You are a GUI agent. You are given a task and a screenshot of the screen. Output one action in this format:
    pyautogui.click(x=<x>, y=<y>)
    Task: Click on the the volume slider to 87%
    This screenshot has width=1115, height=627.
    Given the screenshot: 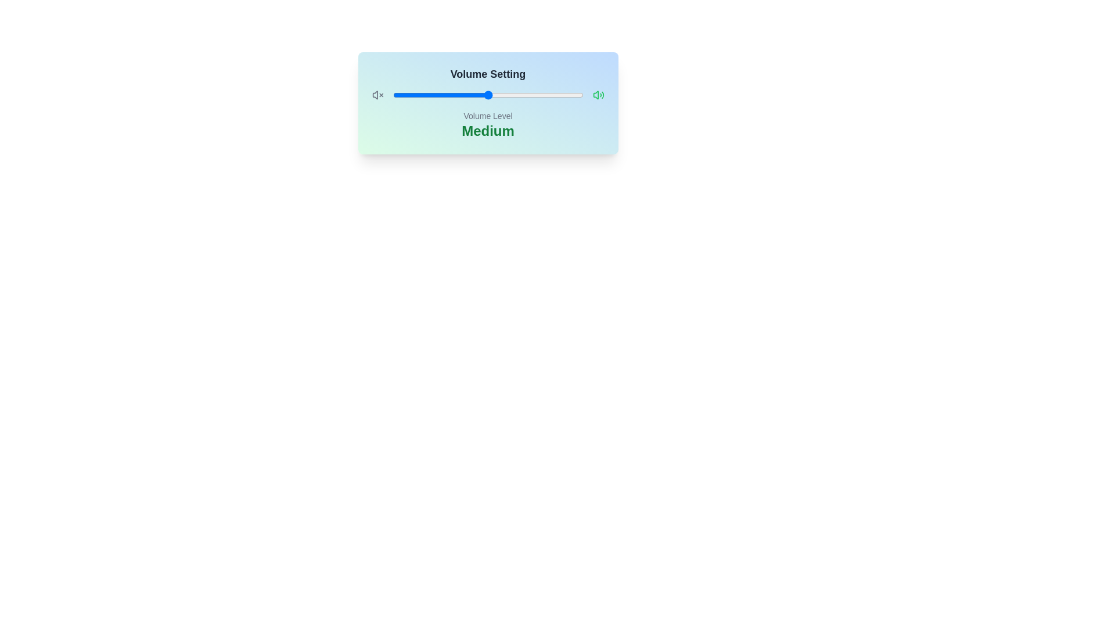 What is the action you would take?
    pyautogui.click(x=558, y=95)
    